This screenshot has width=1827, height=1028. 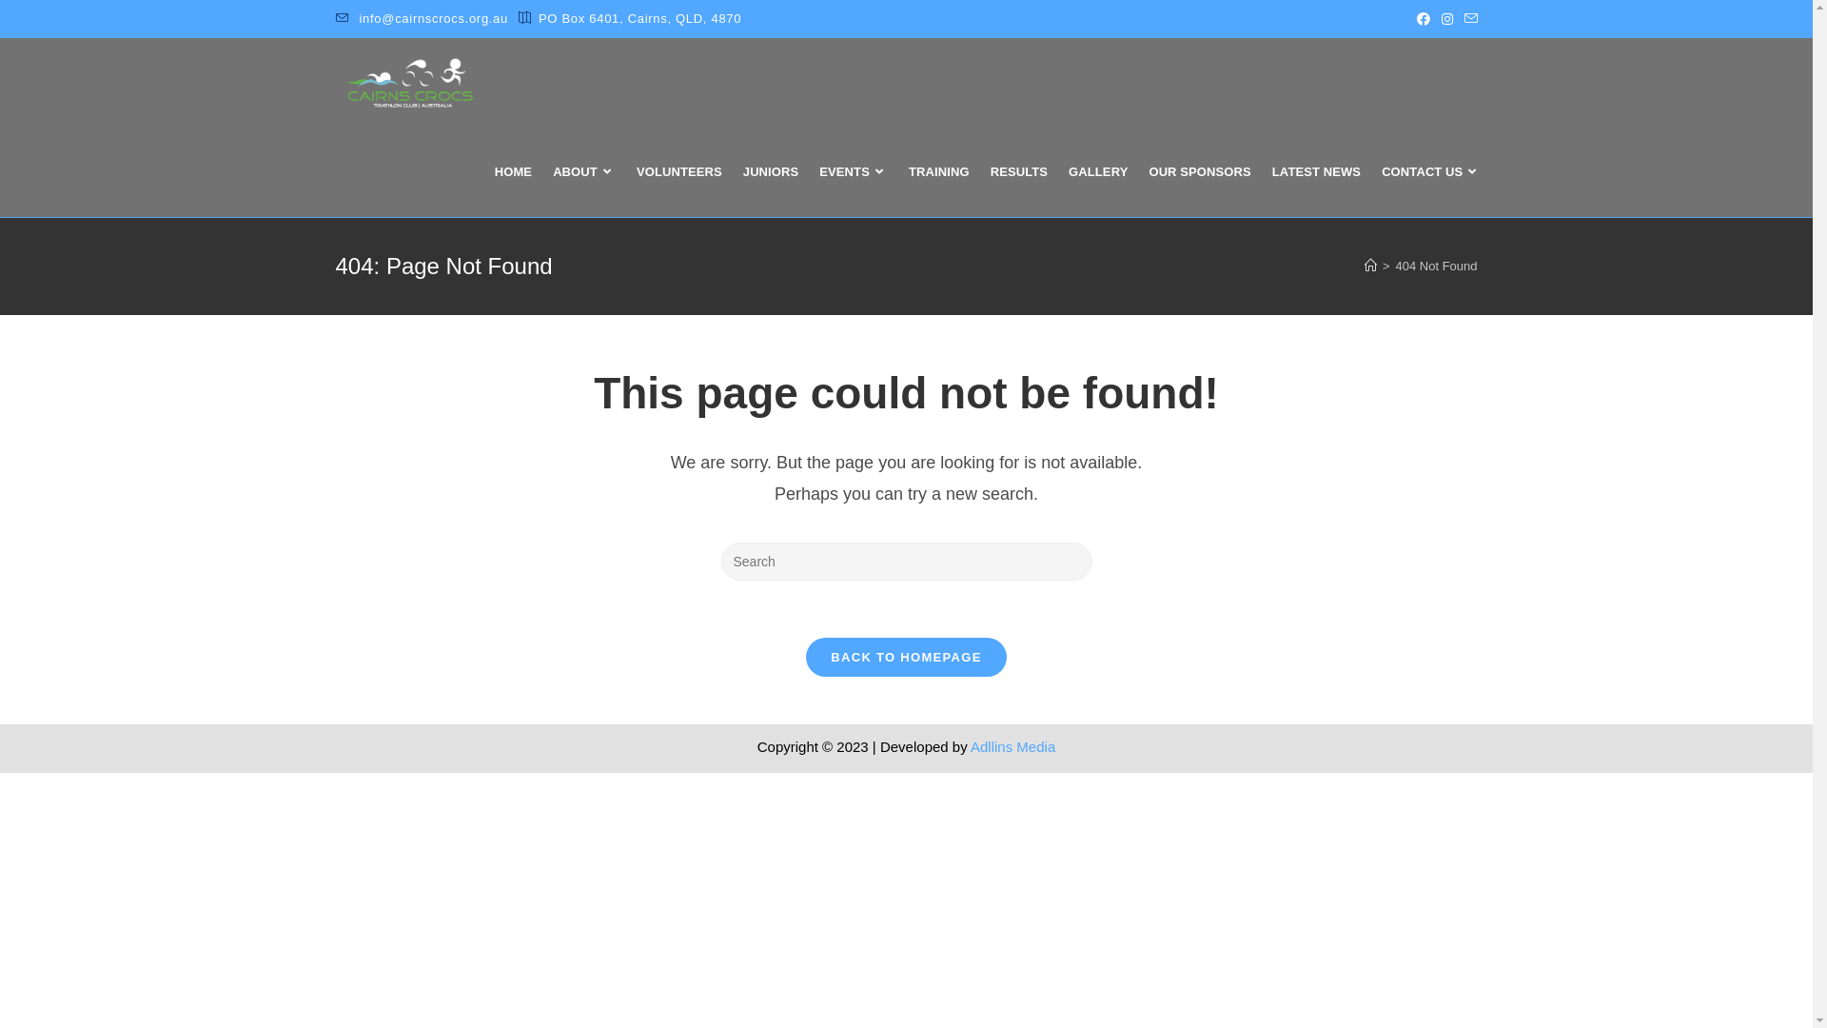 I want to click on 'EVENTS', so click(x=853, y=172).